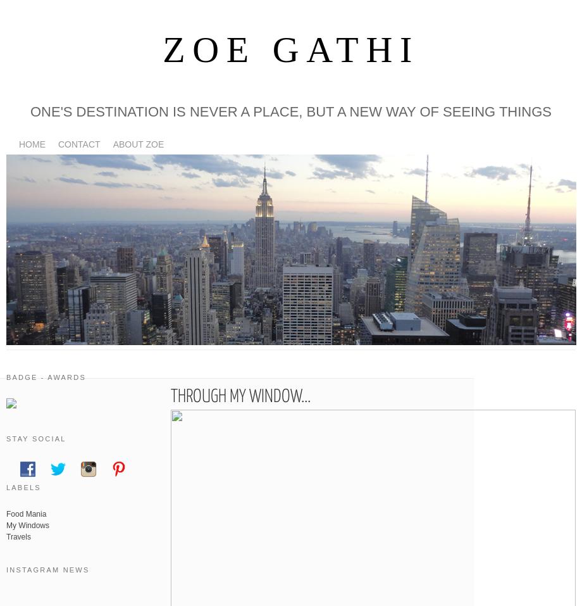 Image resolution: width=582 pixels, height=606 pixels. Describe the element at coordinates (6, 525) in the screenshot. I see `'My Windows'` at that location.